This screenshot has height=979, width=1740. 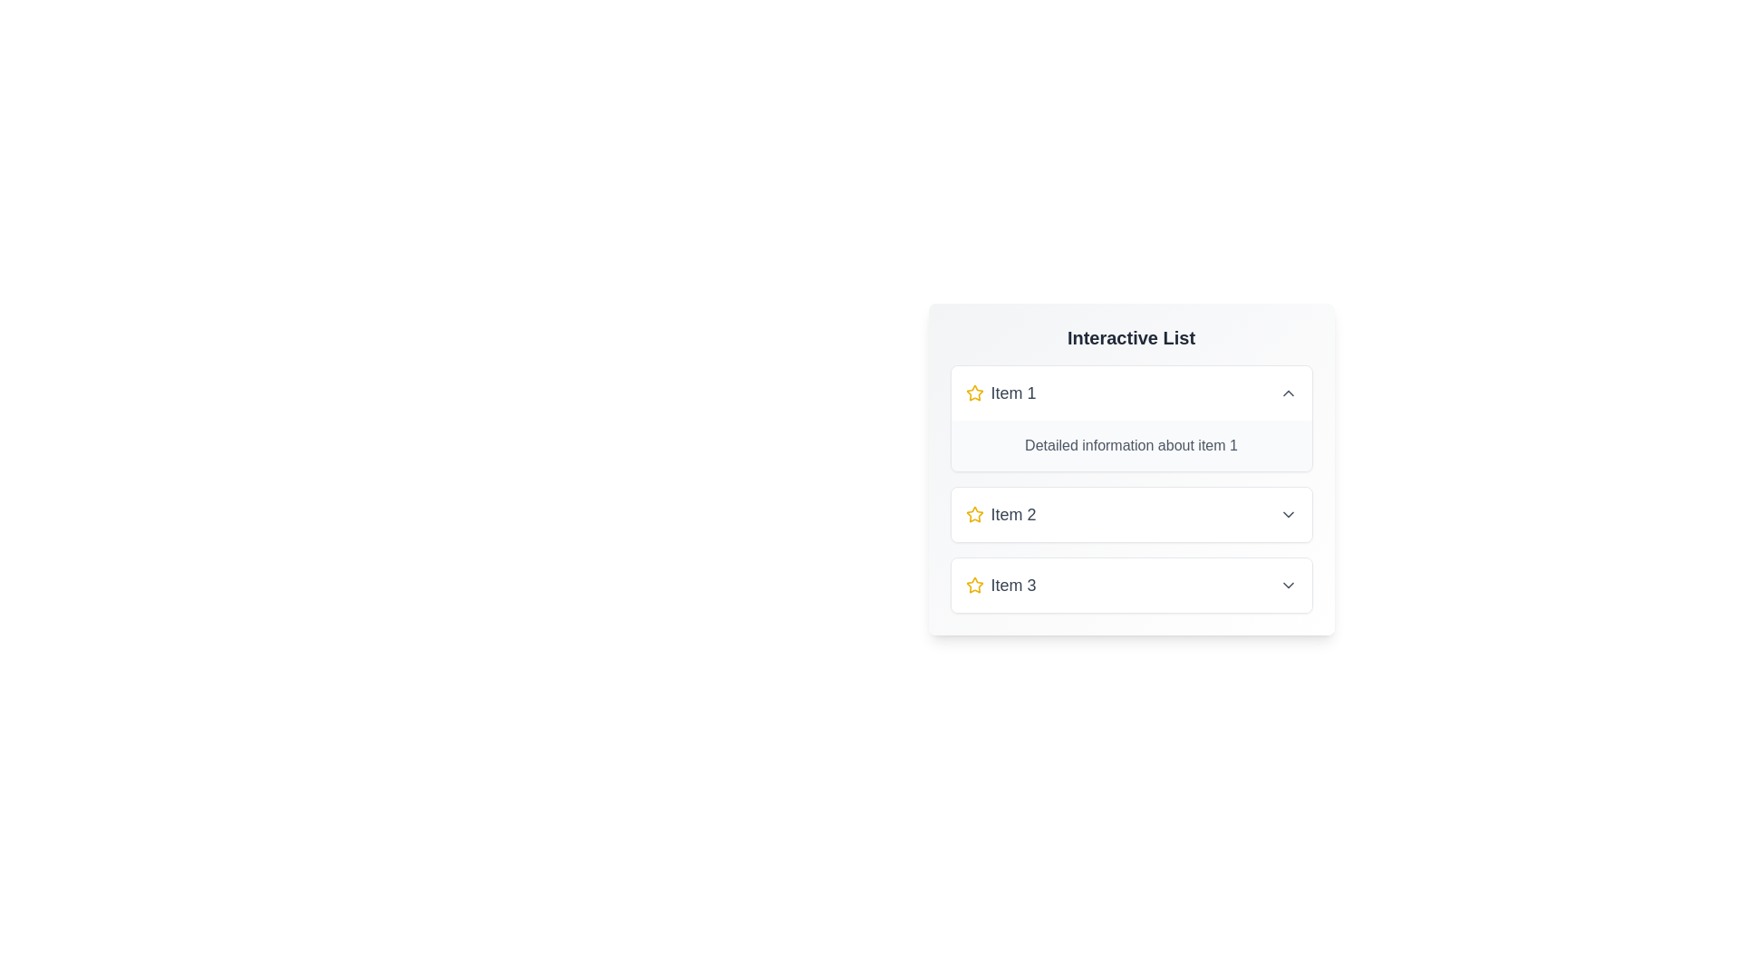 What do you see at coordinates (1130, 585) in the screenshot?
I see `the title of Item 3 to toggle its expanded state` at bounding box center [1130, 585].